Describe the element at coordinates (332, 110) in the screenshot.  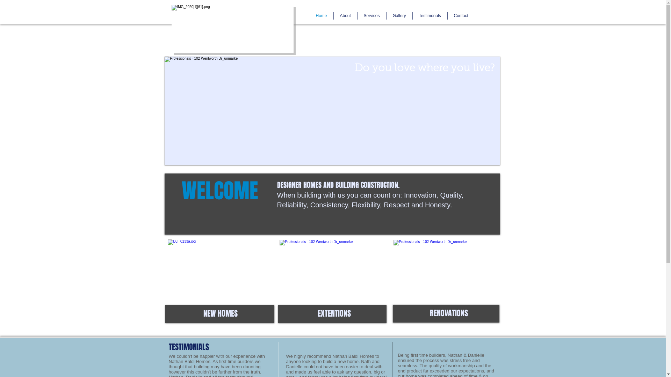
I see `'main1.jpg 2015-9-30-11:56:23'` at that location.